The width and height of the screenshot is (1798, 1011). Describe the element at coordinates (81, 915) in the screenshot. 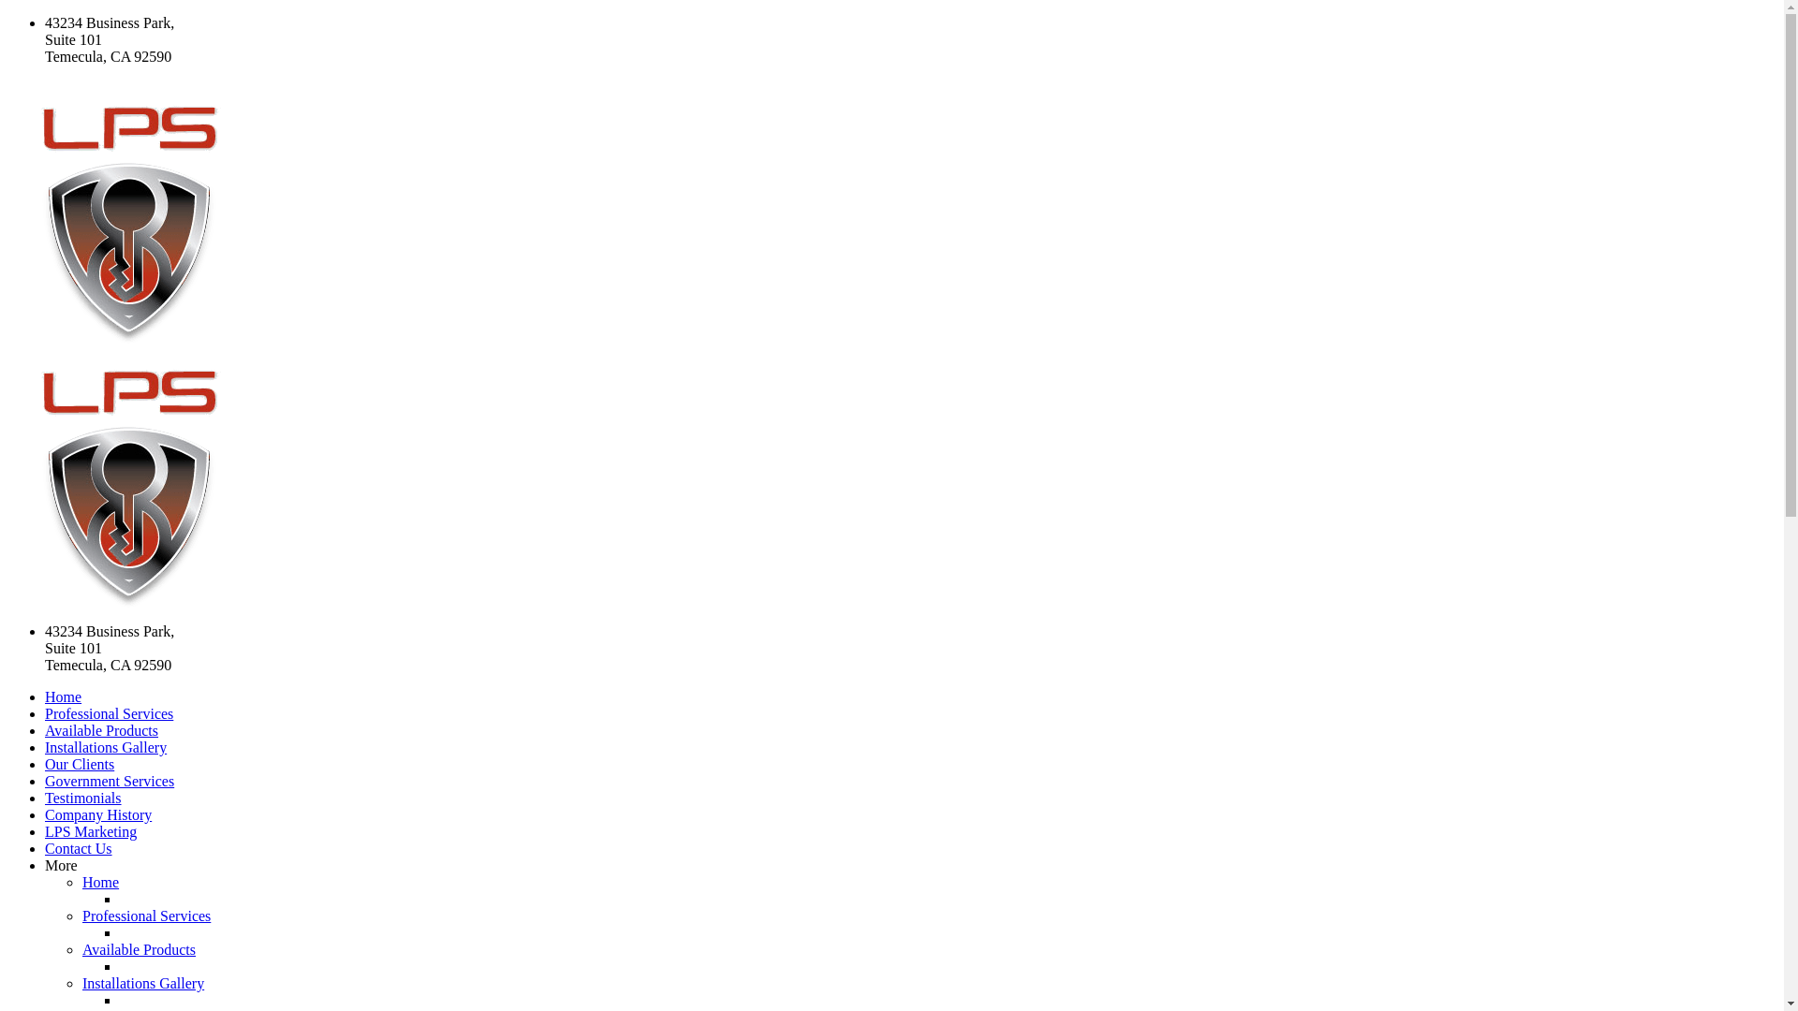

I see `'Professional Services'` at that location.